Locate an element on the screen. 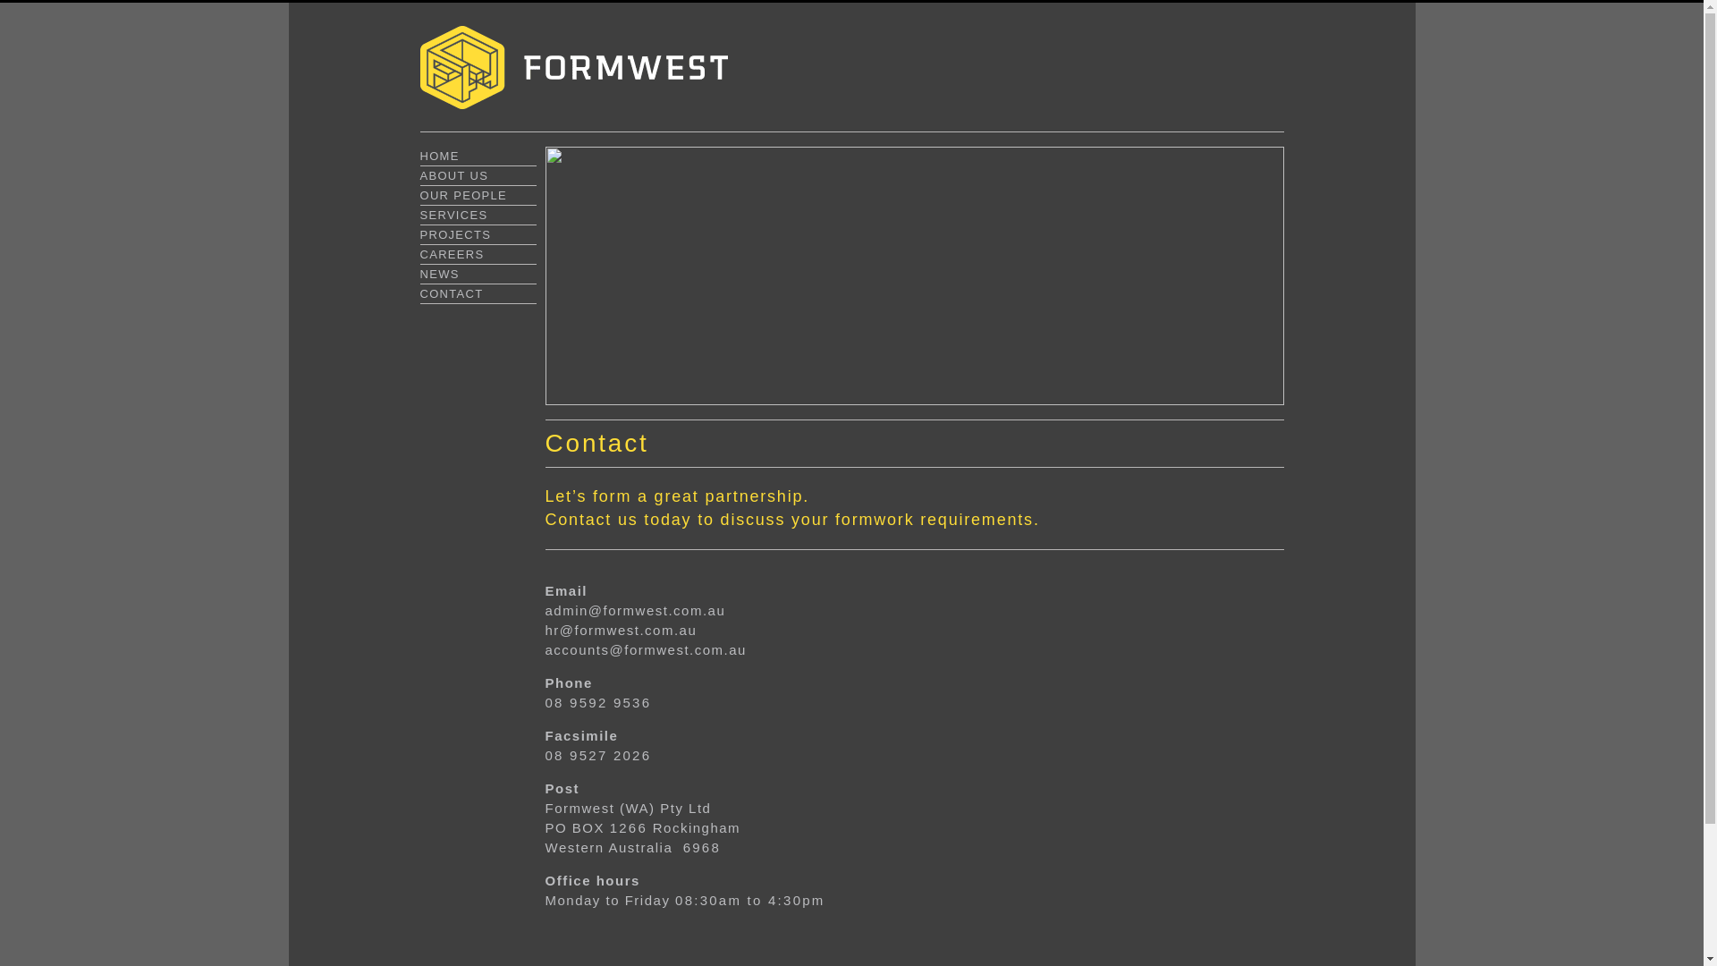  'NEWS' is located at coordinates (439, 272).